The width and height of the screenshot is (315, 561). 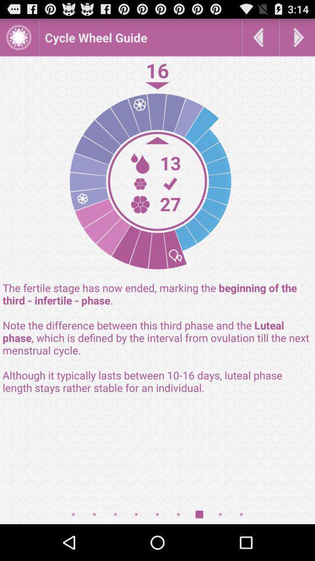 I want to click on the arrow_backward icon, so click(x=260, y=40).